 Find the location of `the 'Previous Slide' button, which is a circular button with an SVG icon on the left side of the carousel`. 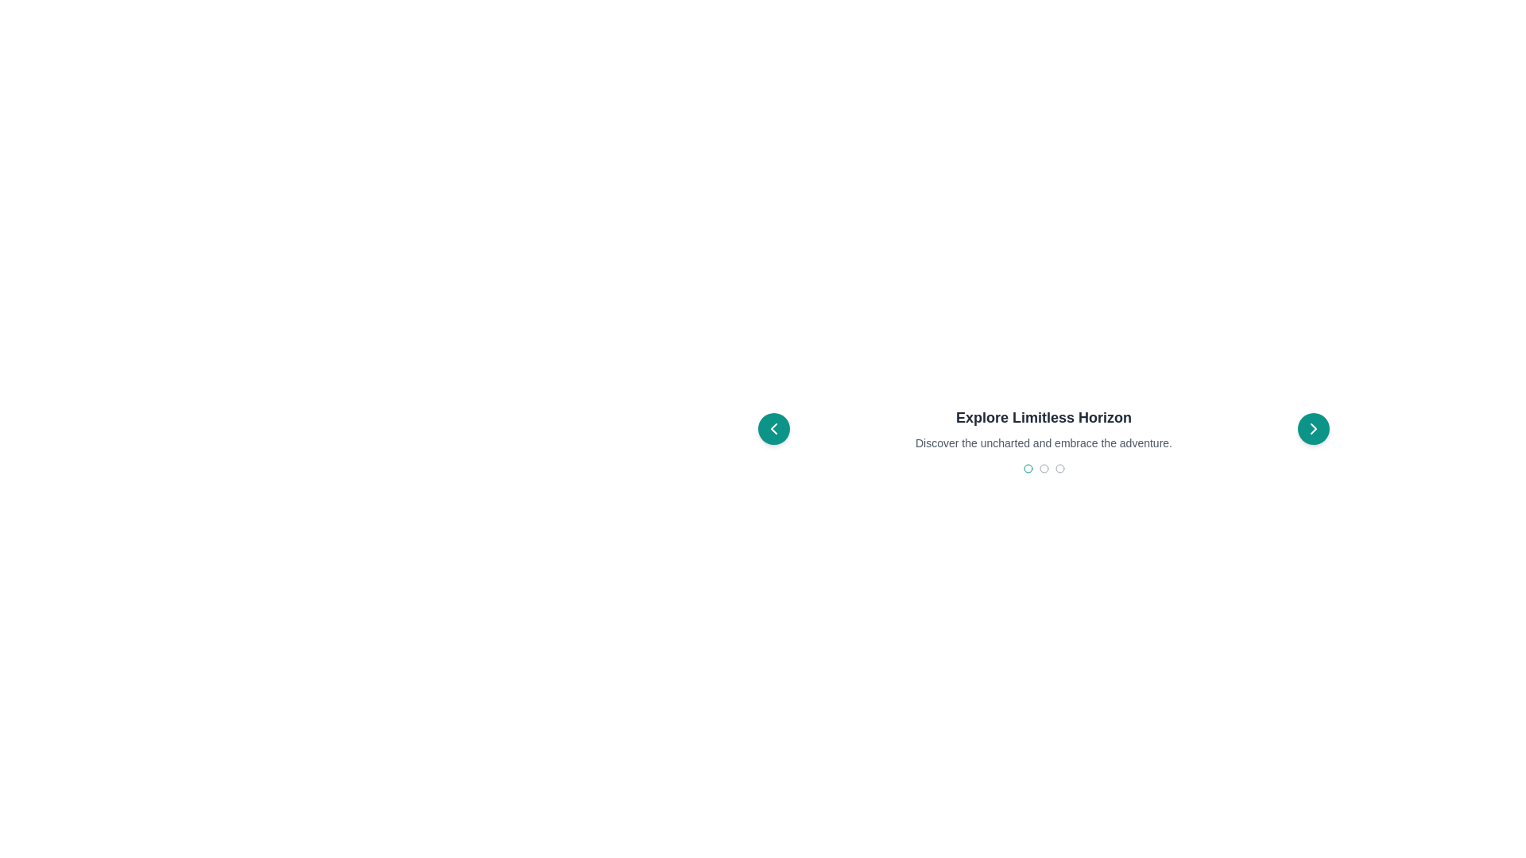

the 'Previous Slide' button, which is a circular button with an SVG icon on the left side of the carousel is located at coordinates (773, 429).